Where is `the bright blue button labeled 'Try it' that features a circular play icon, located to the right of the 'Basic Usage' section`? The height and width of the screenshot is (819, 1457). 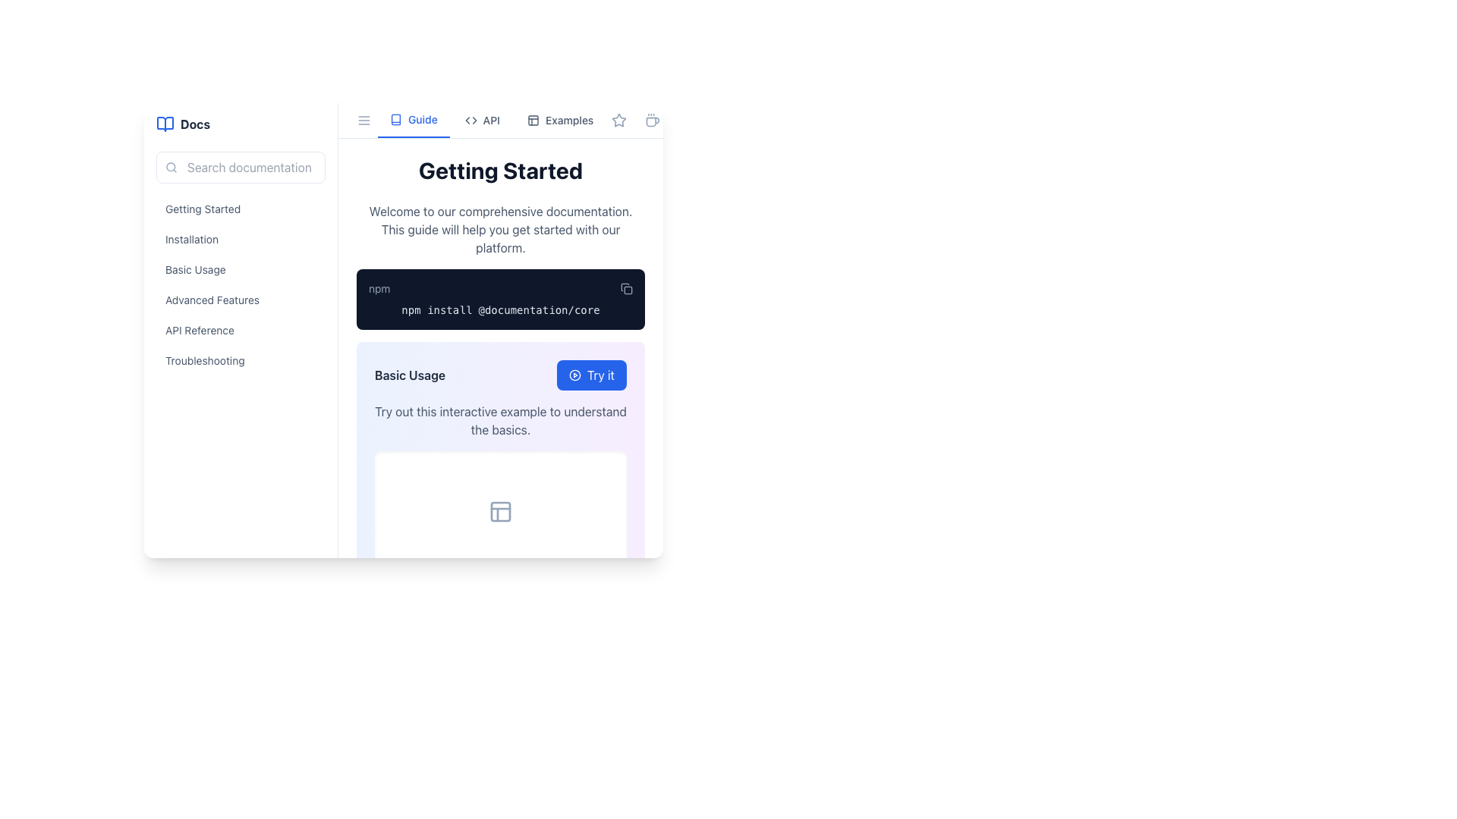
the bright blue button labeled 'Try it' that features a circular play icon, located to the right of the 'Basic Usage' section is located at coordinates (590, 375).